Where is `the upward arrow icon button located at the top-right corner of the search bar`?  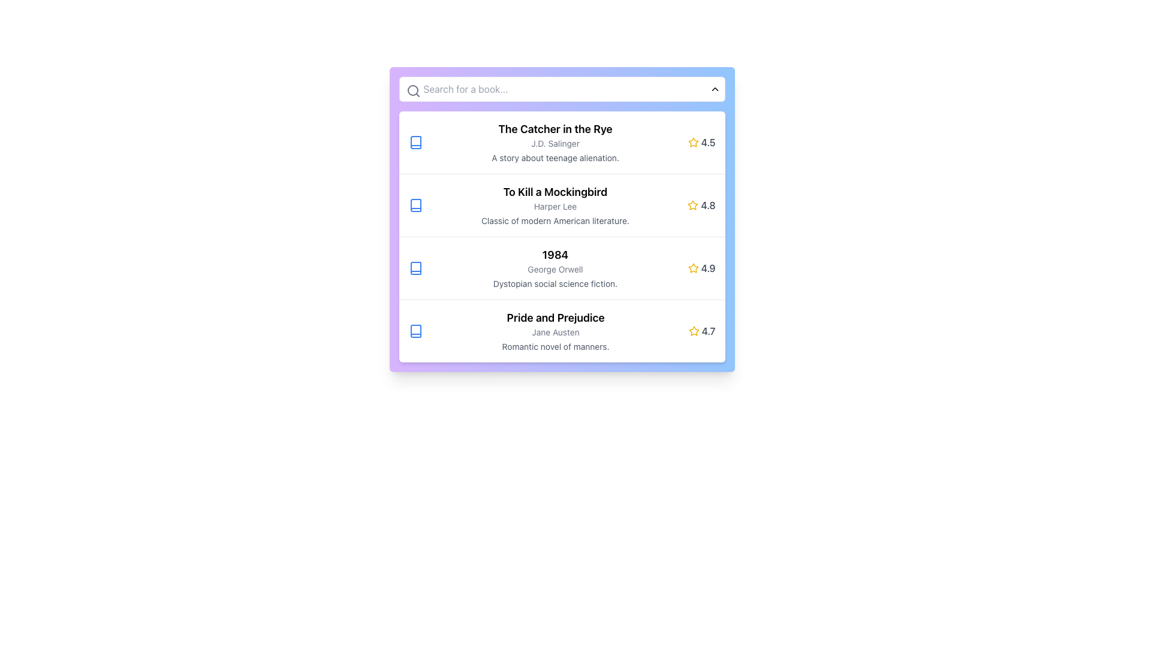
the upward arrow icon button located at the top-right corner of the search bar is located at coordinates (715, 89).